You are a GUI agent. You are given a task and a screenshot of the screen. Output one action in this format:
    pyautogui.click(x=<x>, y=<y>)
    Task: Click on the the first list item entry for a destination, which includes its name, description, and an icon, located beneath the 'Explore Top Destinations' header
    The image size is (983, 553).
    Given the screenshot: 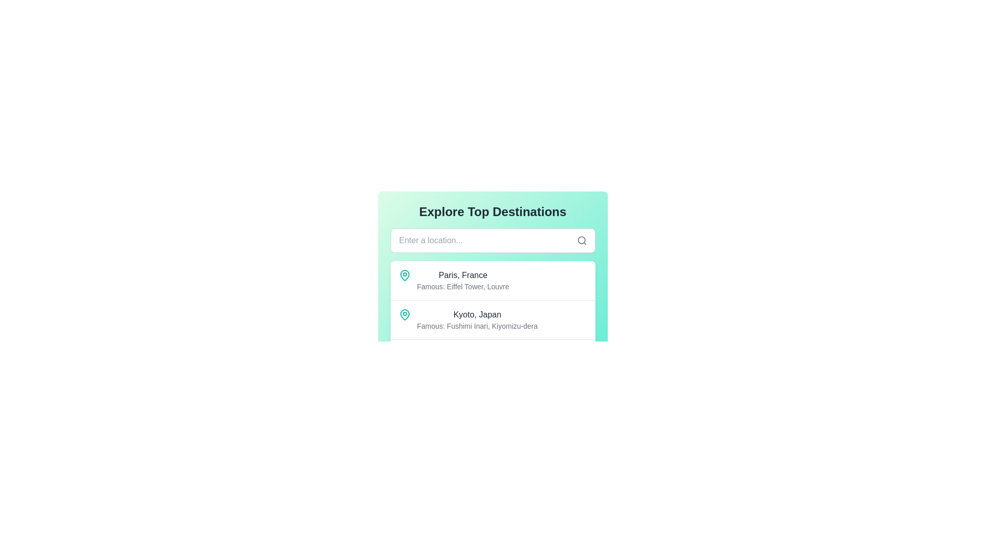 What is the action you would take?
    pyautogui.click(x=493, y=280)
    